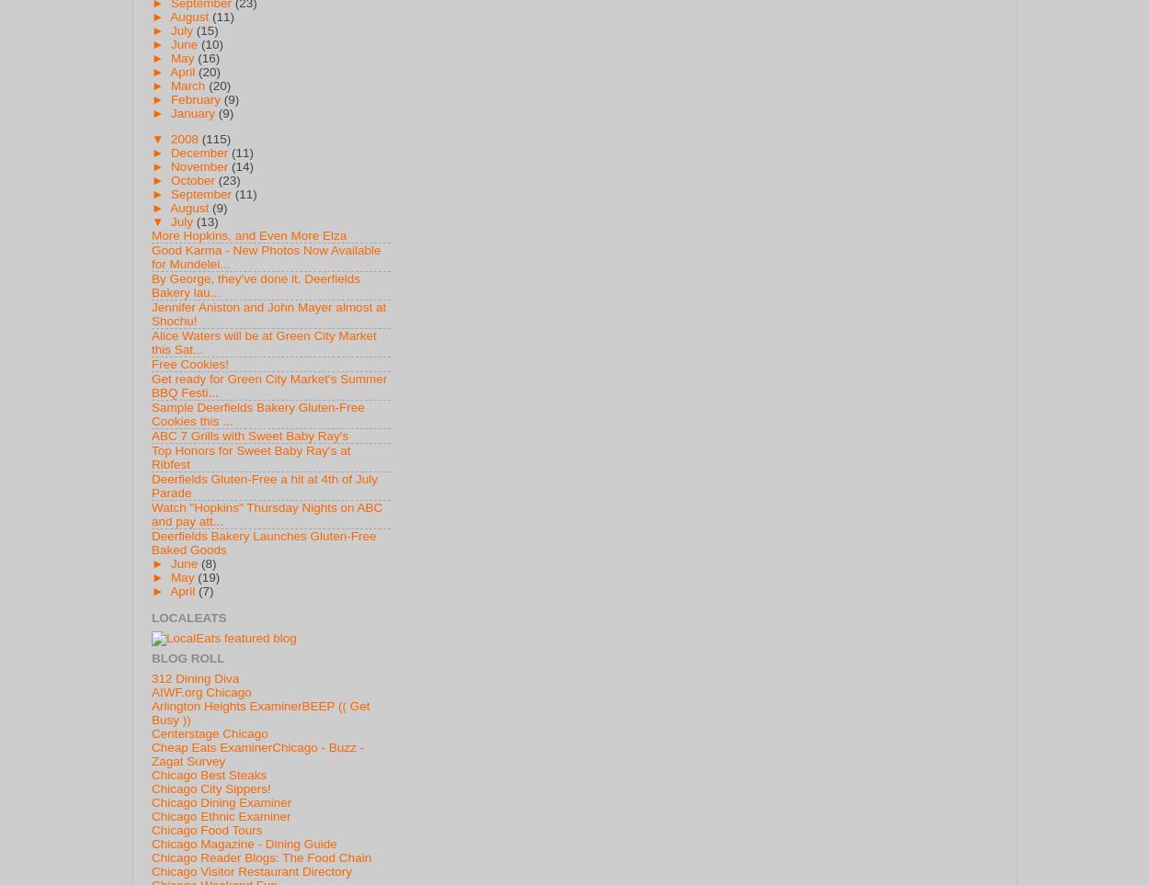  What do you see at coordinates (244, 843) in the screenshot?
I see `'Chicago Magazine - Dining Guide'` at bounding box center [244, 843].